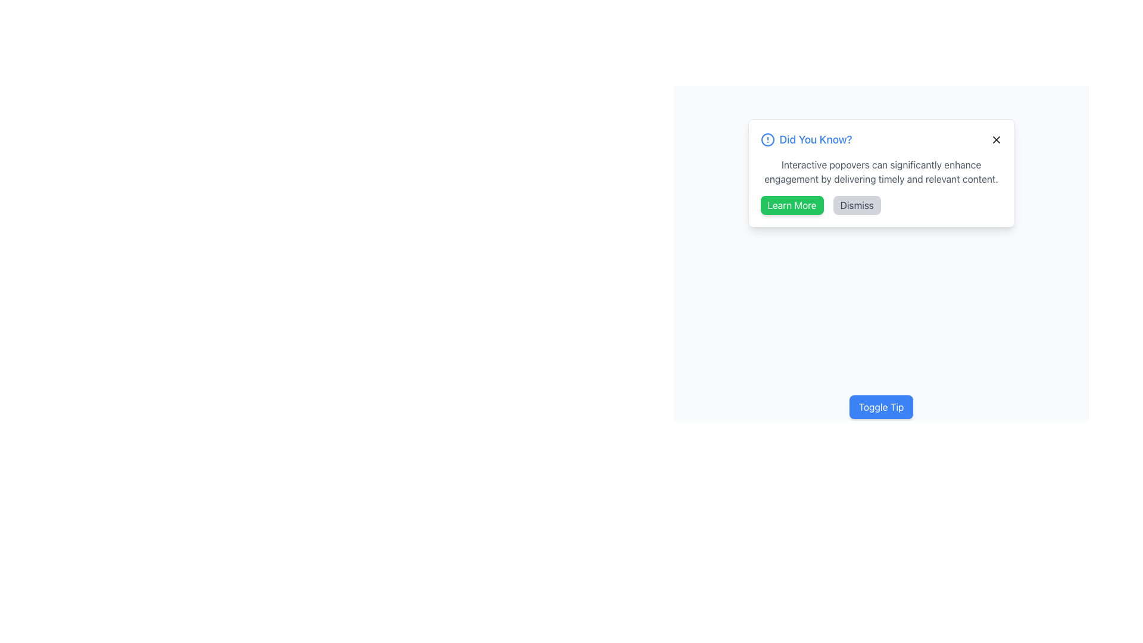 The image size is (1143, 643). Describe the element at coordinates (767, 139) in the screenshot. I see `the blue circular icon with an exclamation mark, which is located at the top-left corner of the notification box` at that location.